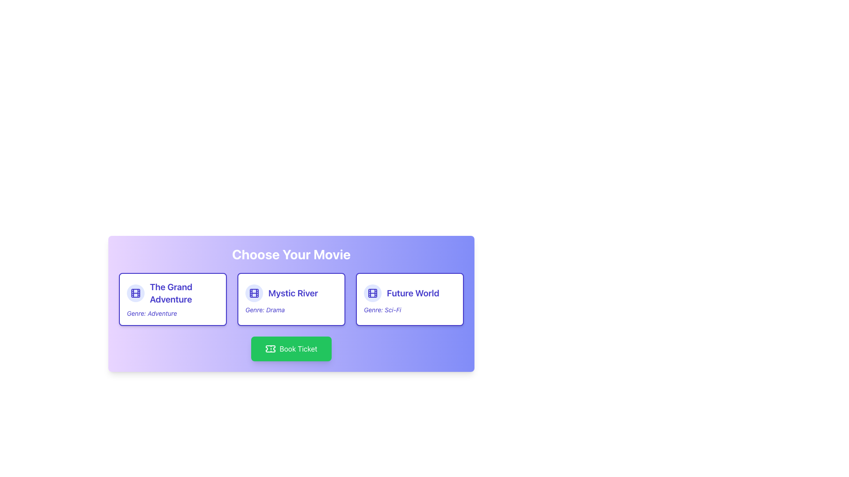 This screenshot has width=849, height=477. What do you see at coordinates (184, 293) in the screenshot?
I see `the text block displaying 'The Grand Adventure'` at bounding box center [184, 293].